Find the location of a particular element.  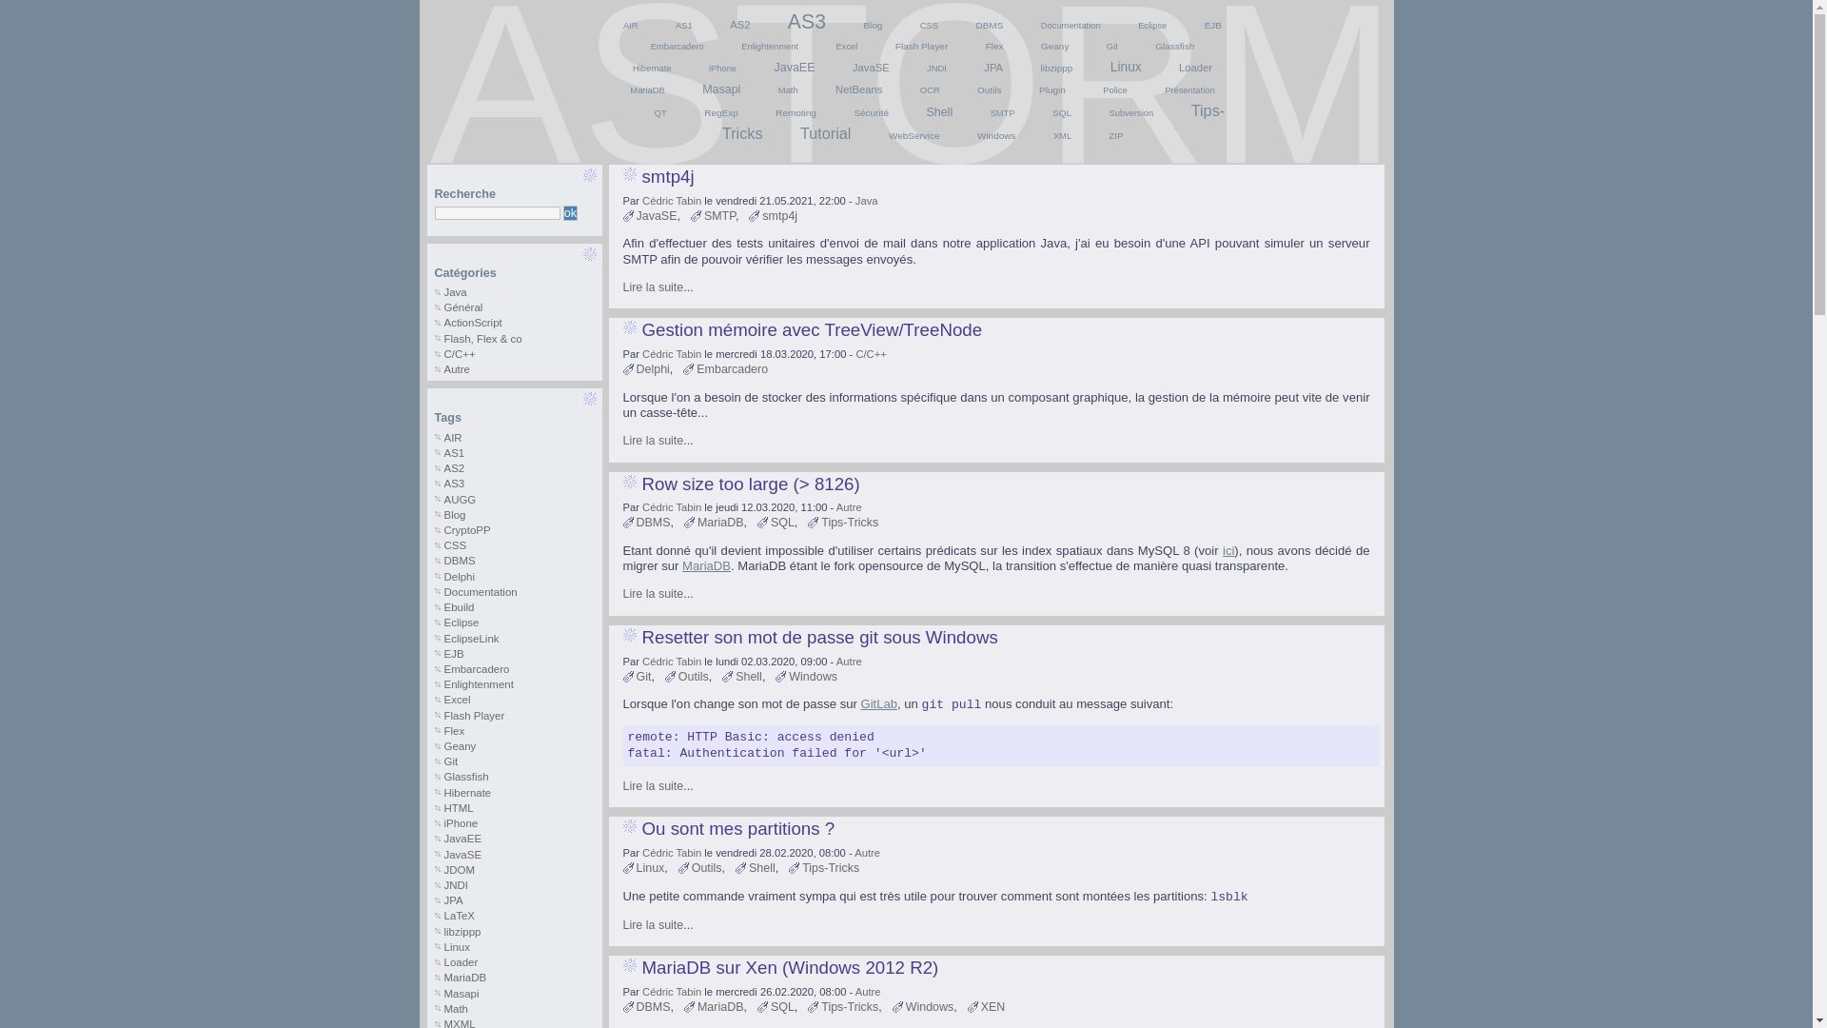

'AIR' is located at coordinates (630, 26).